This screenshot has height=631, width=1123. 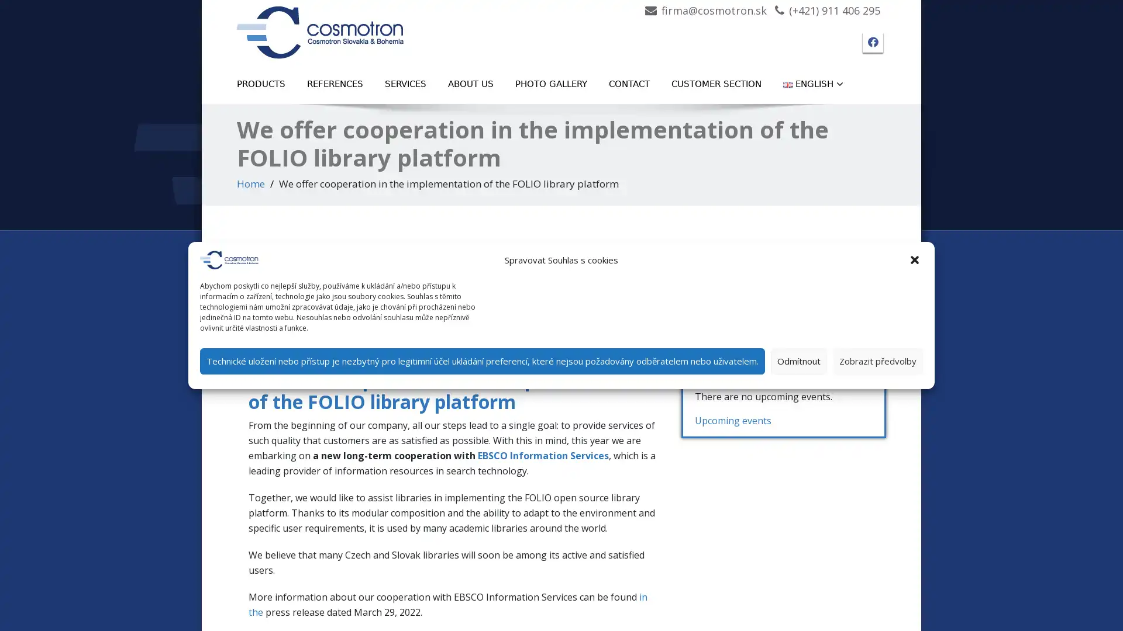 What do you see at coordinates (878, 360) in the screenshot?
I see `Zobrazit predvolby` at bounding box center [878, 360].